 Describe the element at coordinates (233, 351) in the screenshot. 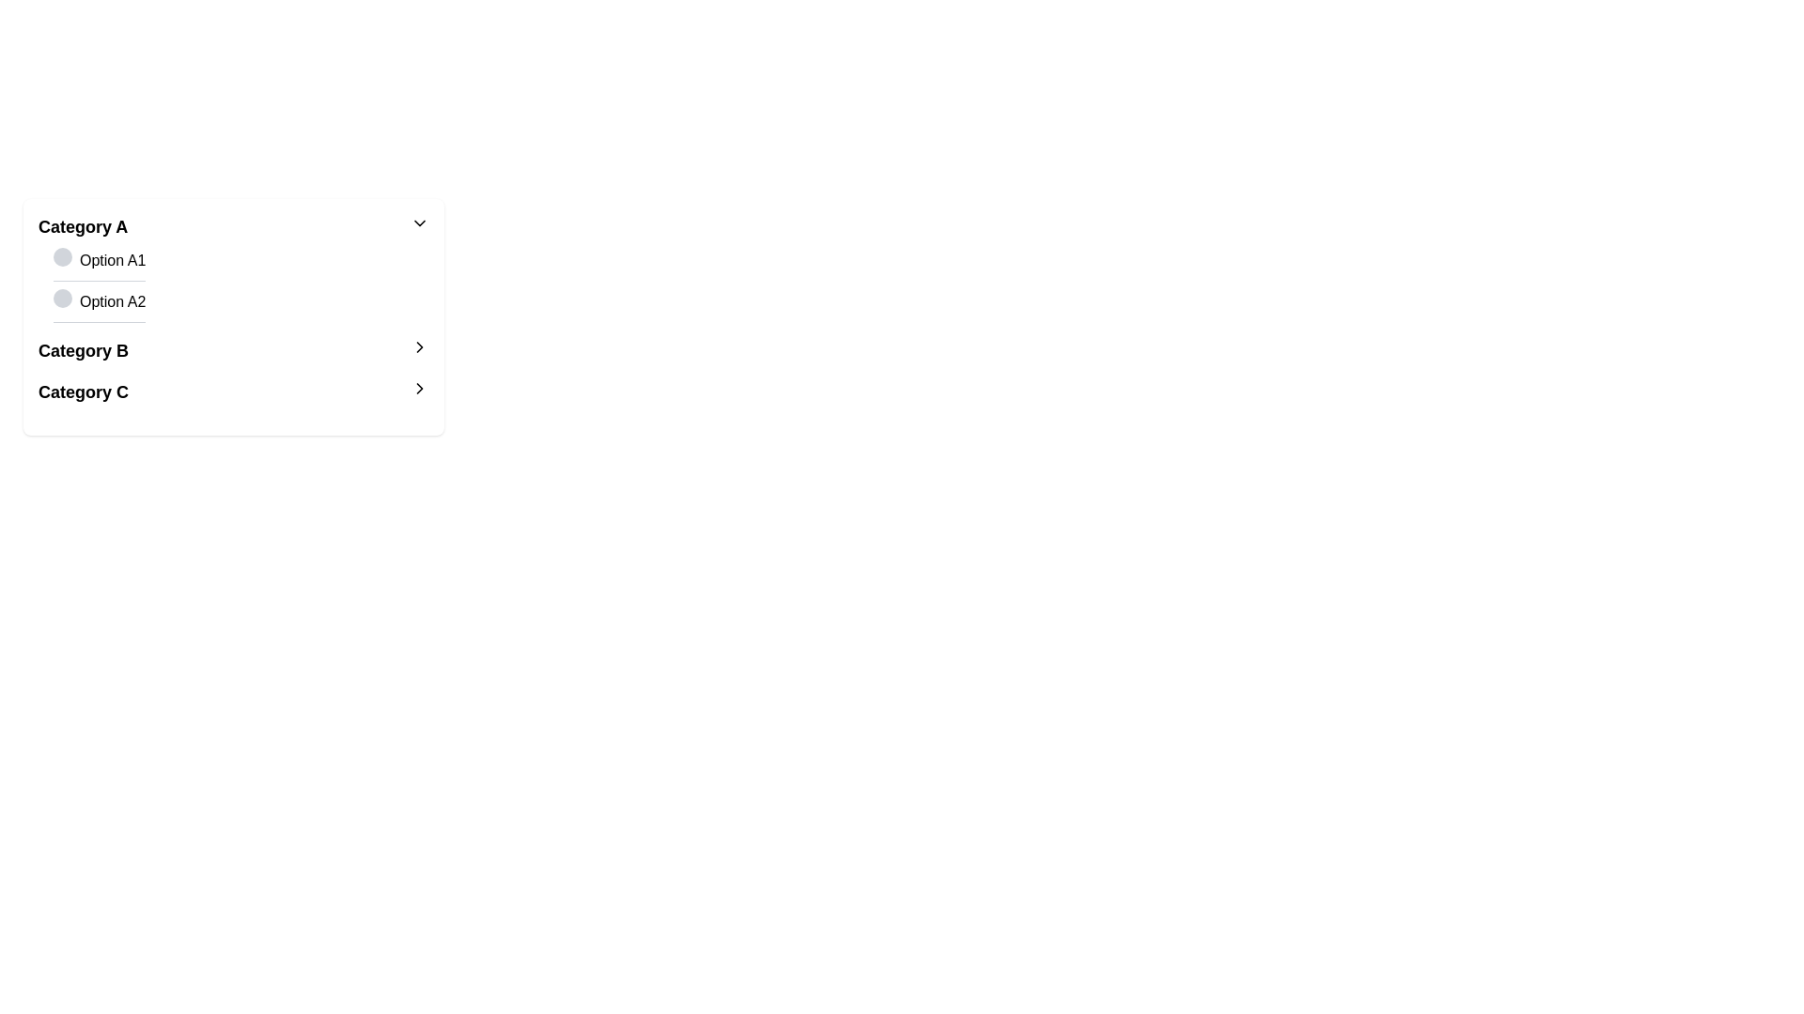

I see `the second button in the vertical menu that leads to 'Category B'` at that location.